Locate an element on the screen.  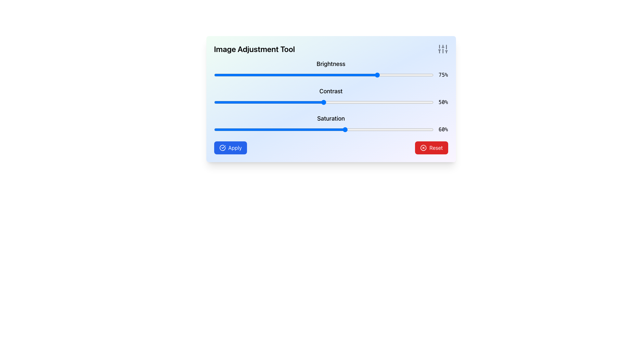
brightness is located at coordinates (354, 75).